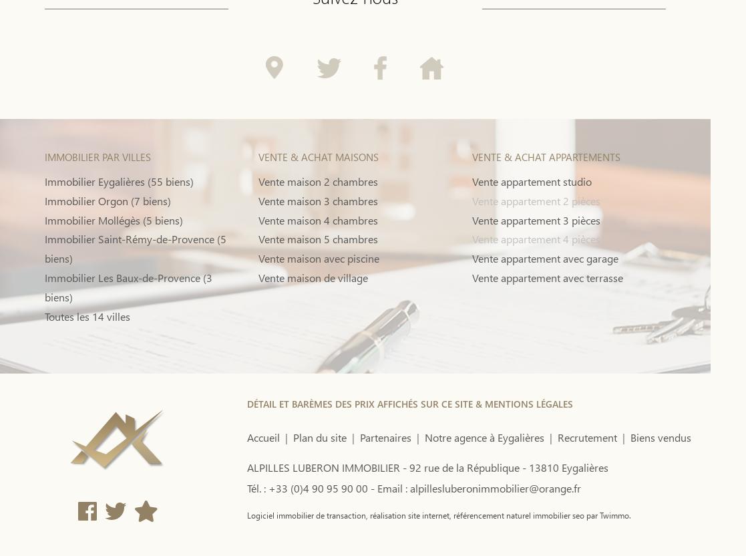 The image size is (746, 556). Describe the element at coordinates (384, 437) in the screenshot. I see `'Partenaires'` at that location.